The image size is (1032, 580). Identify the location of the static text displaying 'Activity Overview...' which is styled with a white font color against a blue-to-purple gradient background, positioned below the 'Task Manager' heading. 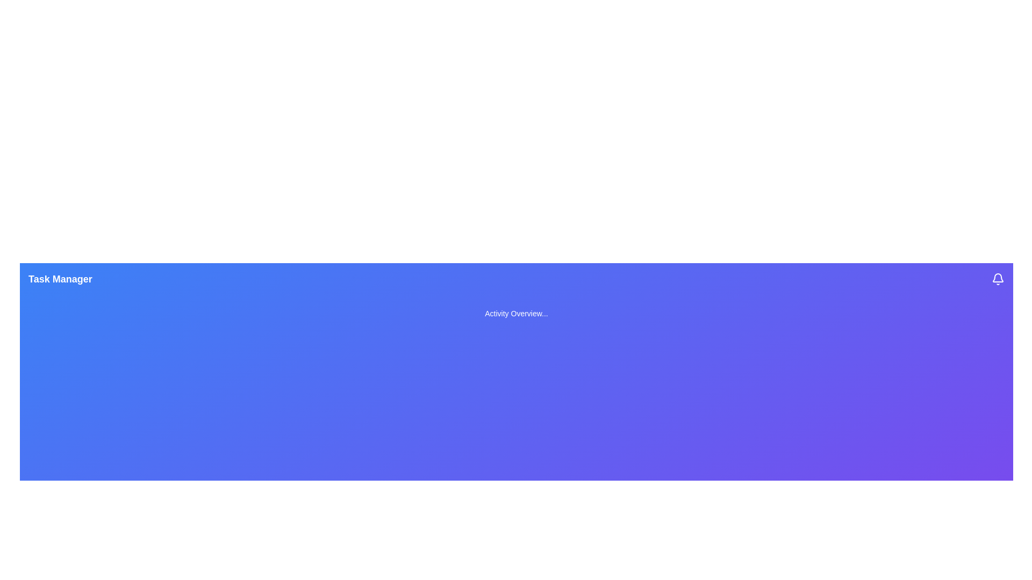
(516, 313).